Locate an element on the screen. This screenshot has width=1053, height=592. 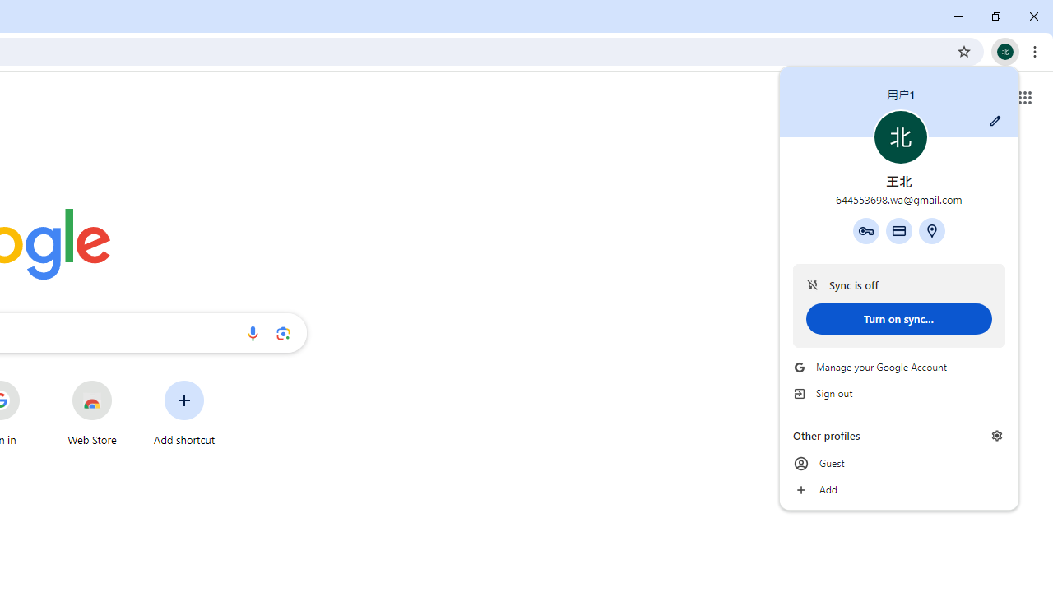
'Addresses and more' is located at coordinates (932, 230).